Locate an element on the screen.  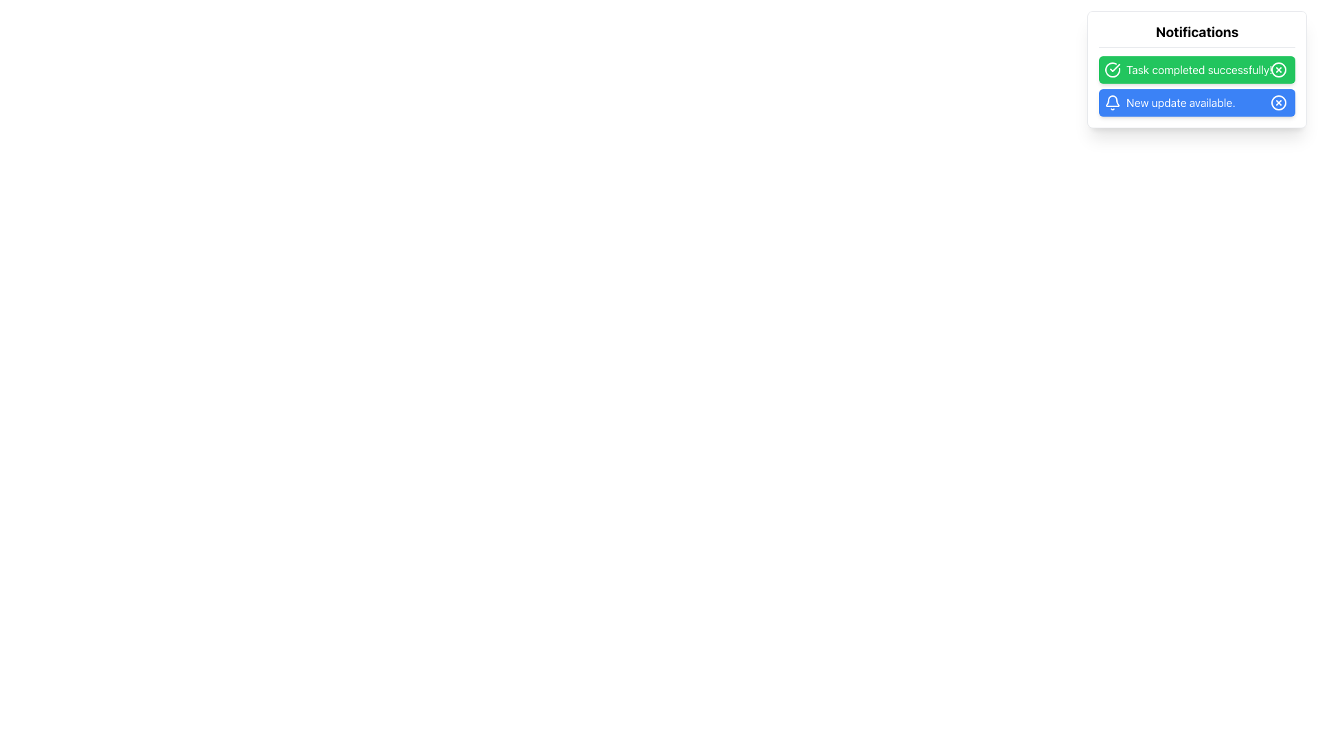
the Notification message bar that informs the user about the availability of a new update, positioned below the green notification message stating 'Task completed successfully!' is located at coordinates (1196, 102).